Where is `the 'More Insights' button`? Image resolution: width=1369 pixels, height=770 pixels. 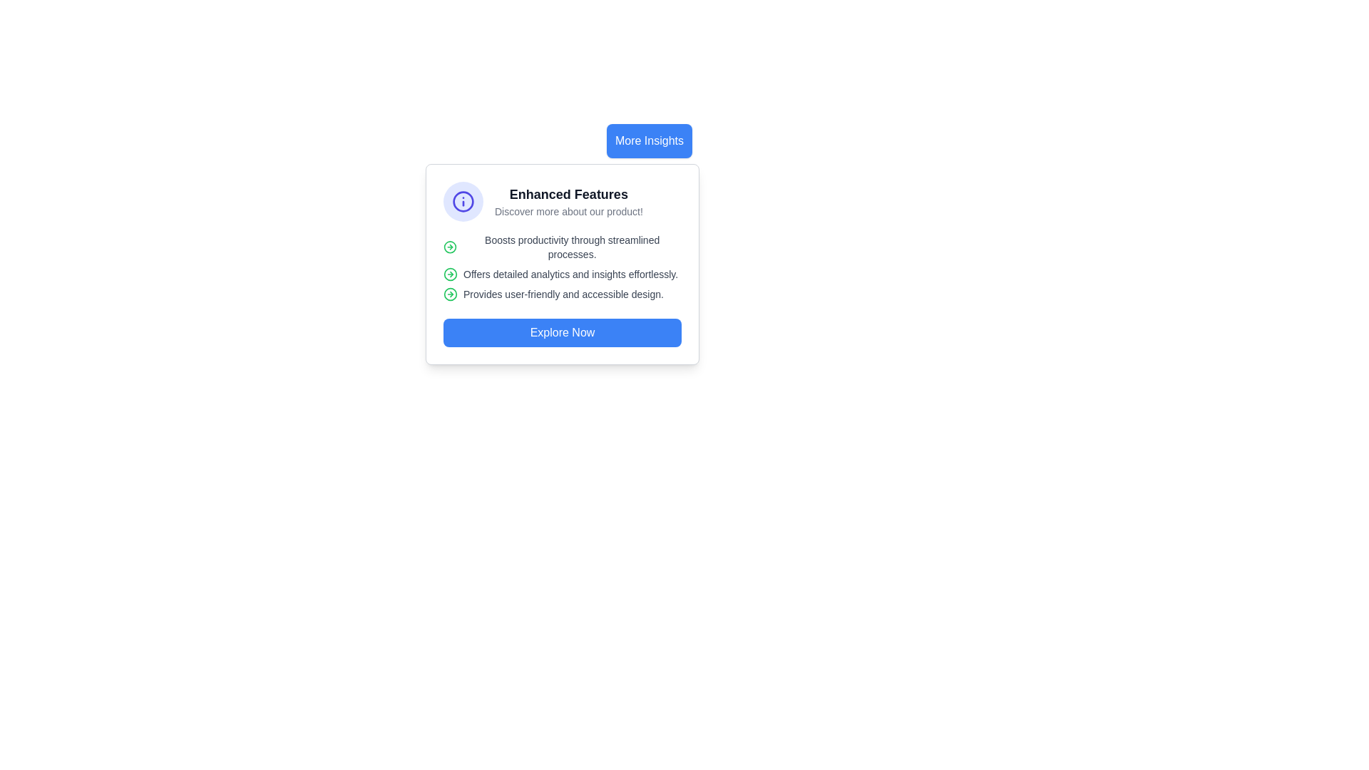 the 'More Insights' button is located at coordinates (649, 140).